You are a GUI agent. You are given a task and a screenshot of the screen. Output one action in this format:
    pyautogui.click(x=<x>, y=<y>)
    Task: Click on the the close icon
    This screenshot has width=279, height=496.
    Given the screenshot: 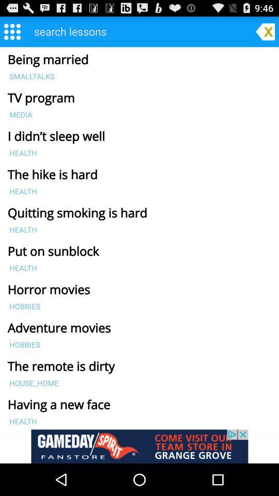 What is the action you would take?
    pyautogui.click(x=265, y=34)
    